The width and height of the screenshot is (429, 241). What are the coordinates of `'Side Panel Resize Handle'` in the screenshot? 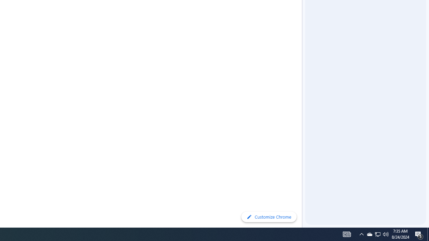 It's located at (303, 13).